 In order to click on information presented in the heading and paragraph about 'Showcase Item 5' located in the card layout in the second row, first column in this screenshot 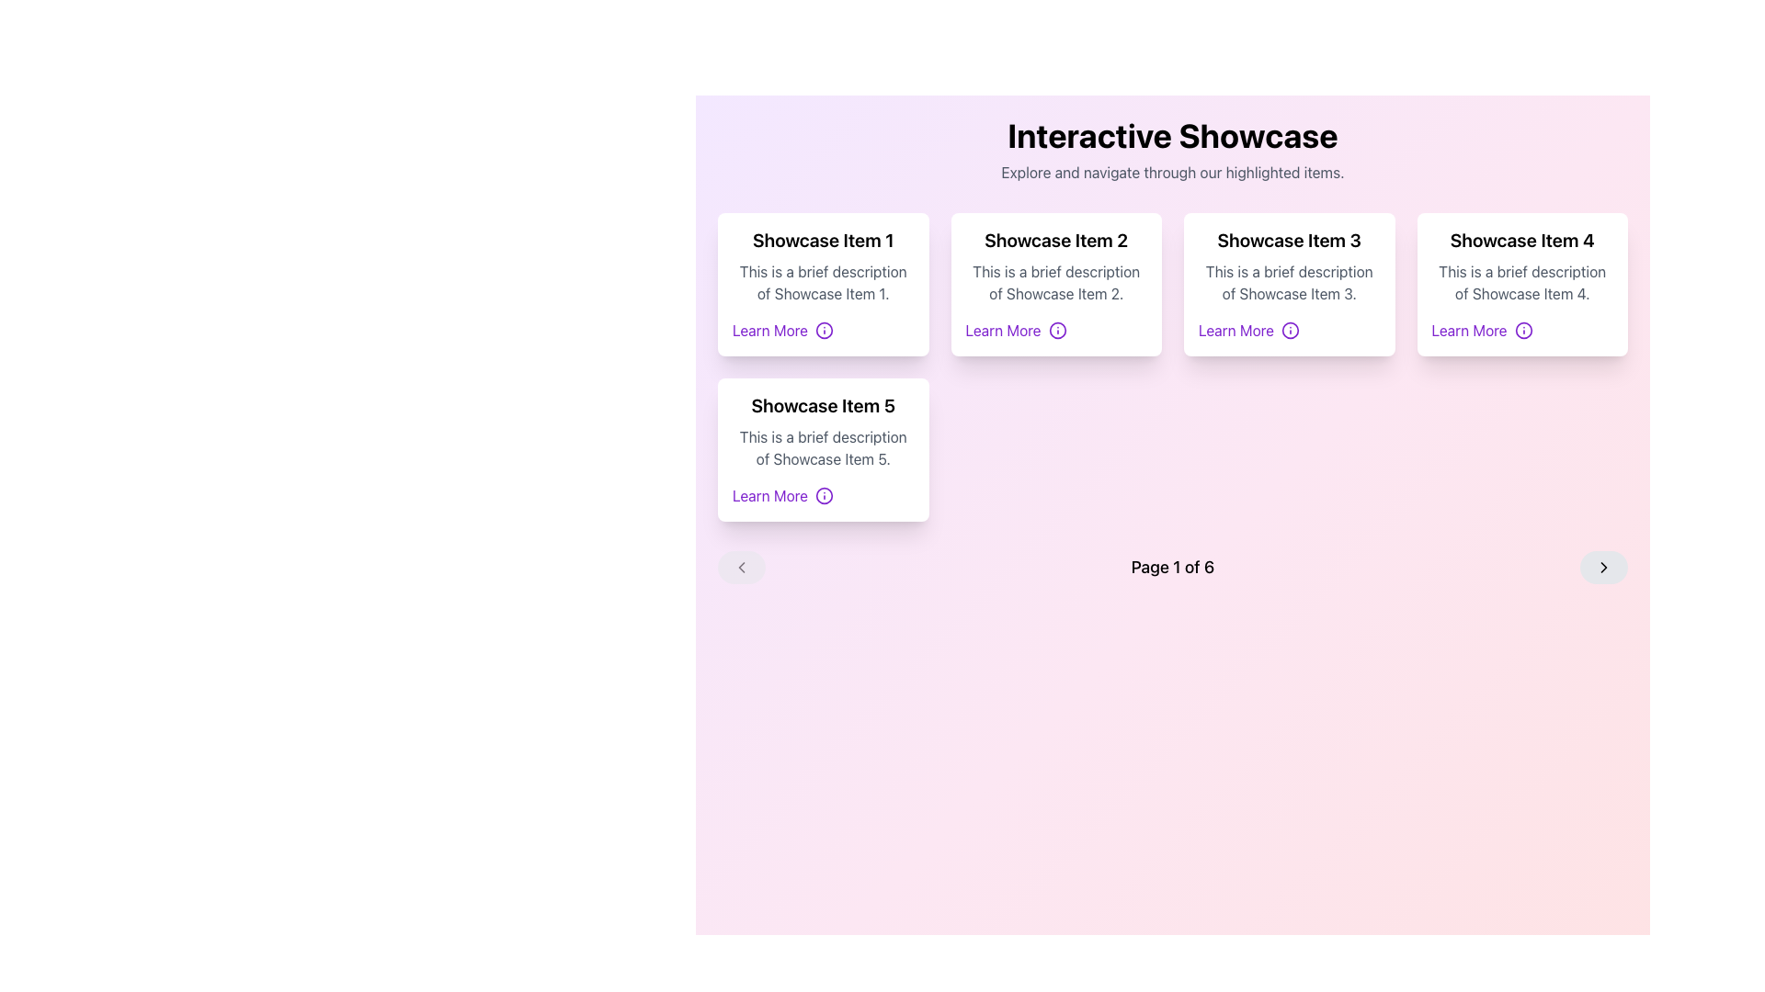, I will do `click(822, 432)`.